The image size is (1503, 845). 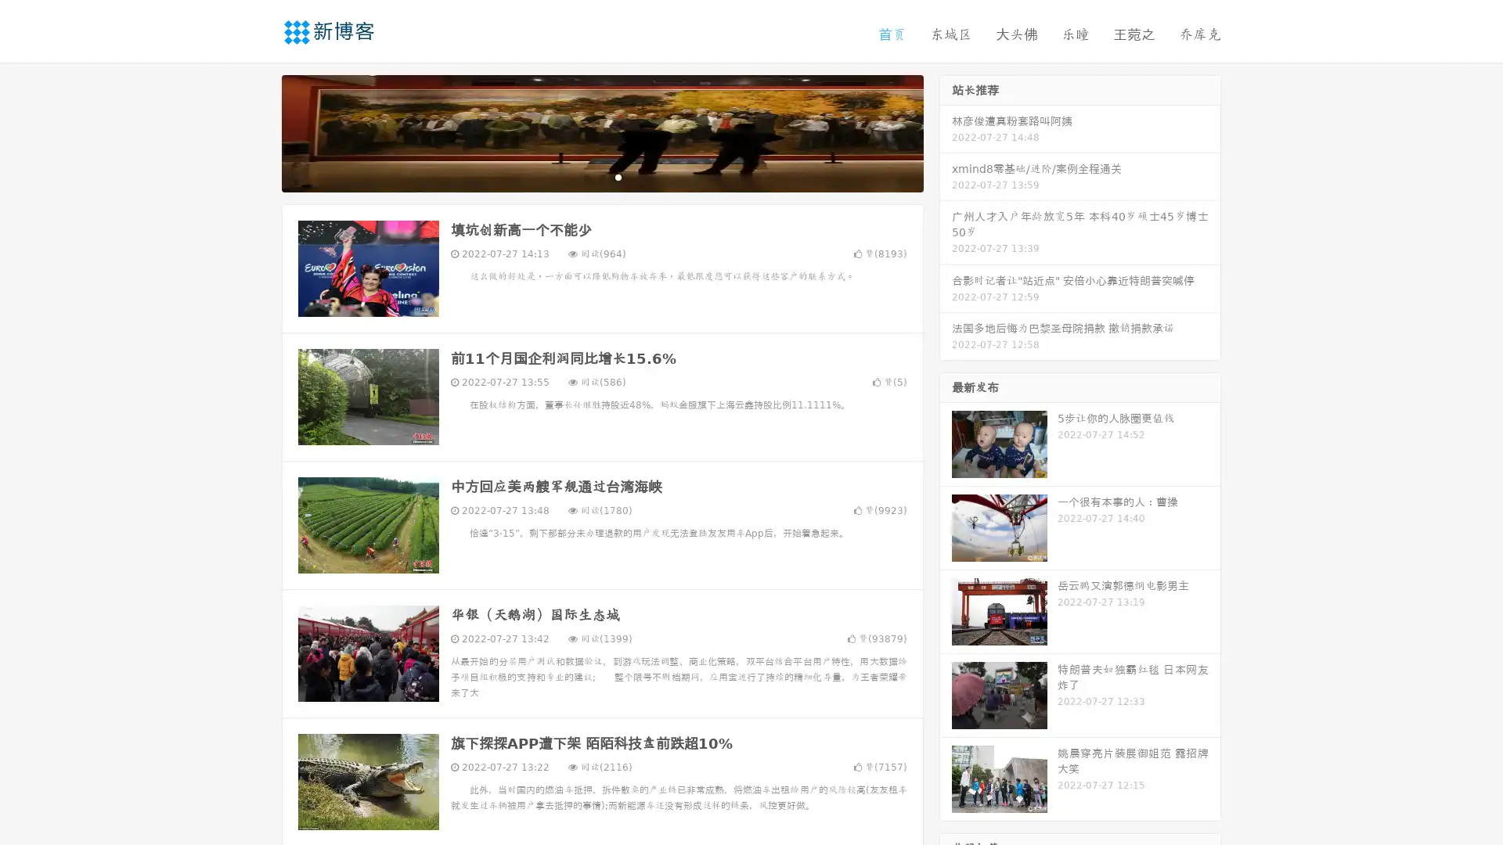 What do you see at coordinates (601, 176) in the screenshot?
I see `Go to slide 2` at bounding box center [601, 176].